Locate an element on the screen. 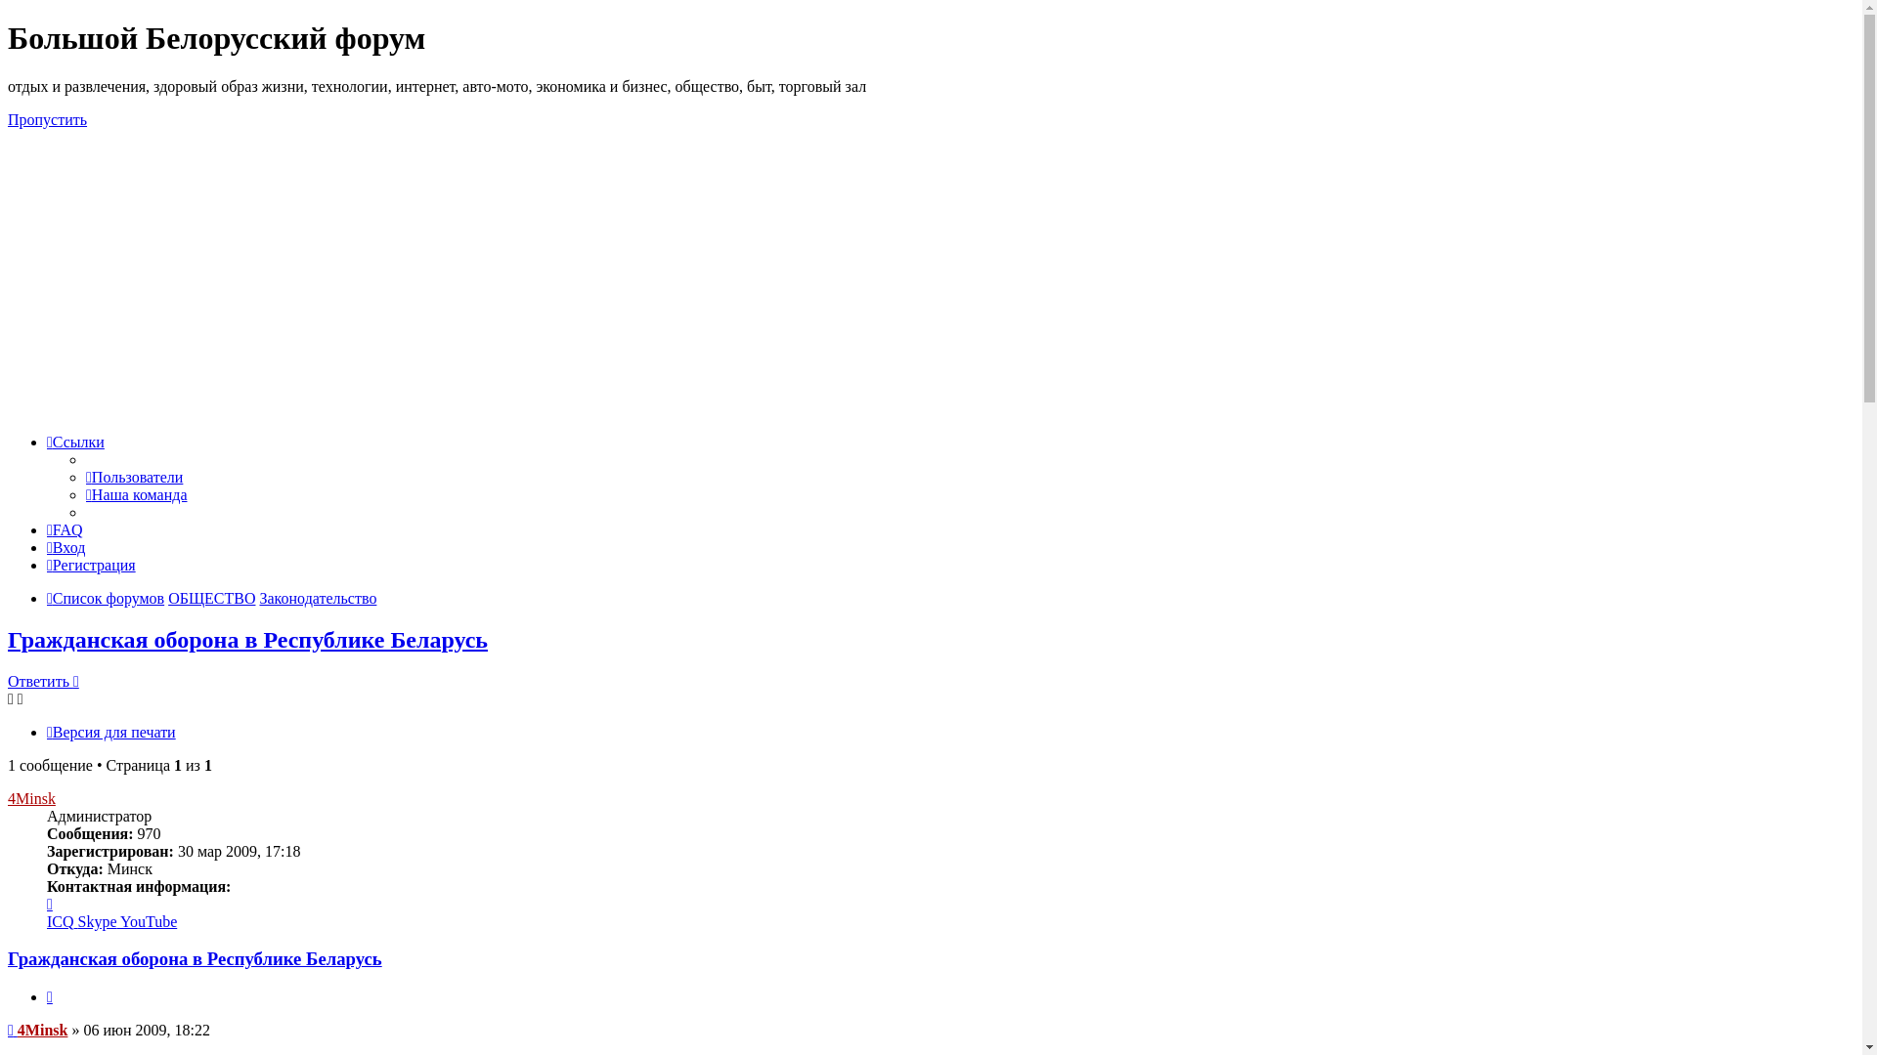 This screenshot has width=1877, height=1055. 'FAQ' is located at coordinates (47, 529).